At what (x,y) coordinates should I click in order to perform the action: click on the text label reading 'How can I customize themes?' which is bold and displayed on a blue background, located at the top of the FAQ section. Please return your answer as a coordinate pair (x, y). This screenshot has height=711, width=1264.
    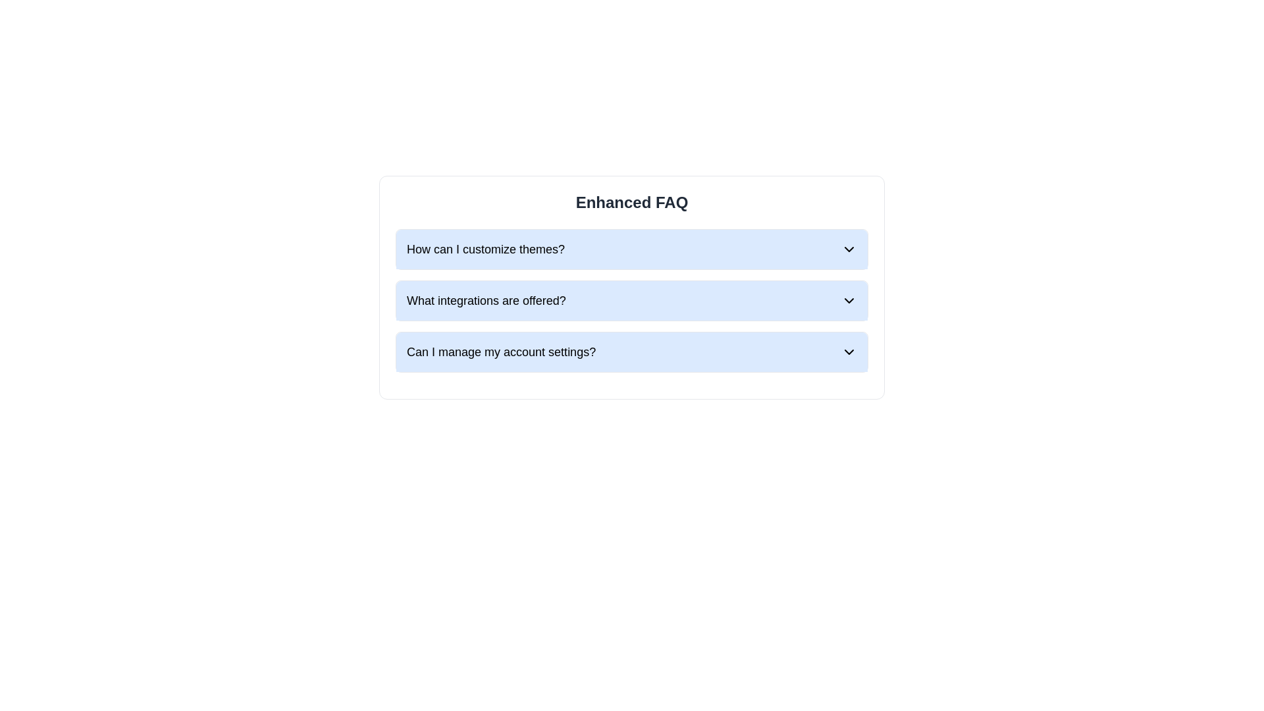
    Looking at the image, I should click on (485, 249).